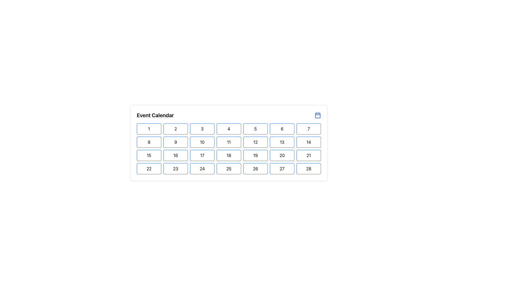 The height and width of the screenshot is (287, 511). Describe the element at coordinates (176, 155) in the screenshot. I see `the button representing a selectable day in the calendar view` at that location.